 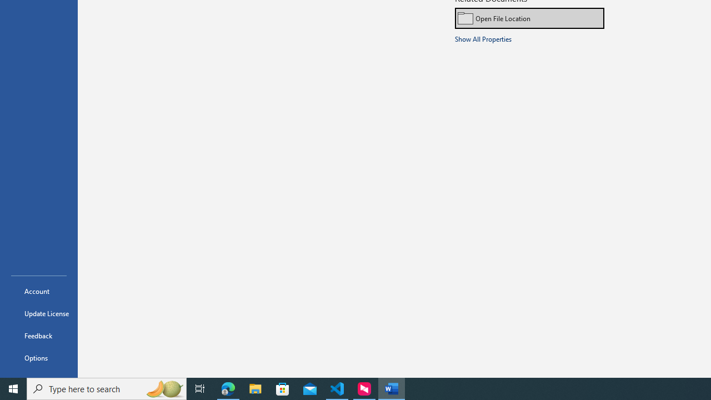 What do you see at coordinates (38, 335) in the screenshot?
I see `'Feedback'` at bounding box center [38, 335].